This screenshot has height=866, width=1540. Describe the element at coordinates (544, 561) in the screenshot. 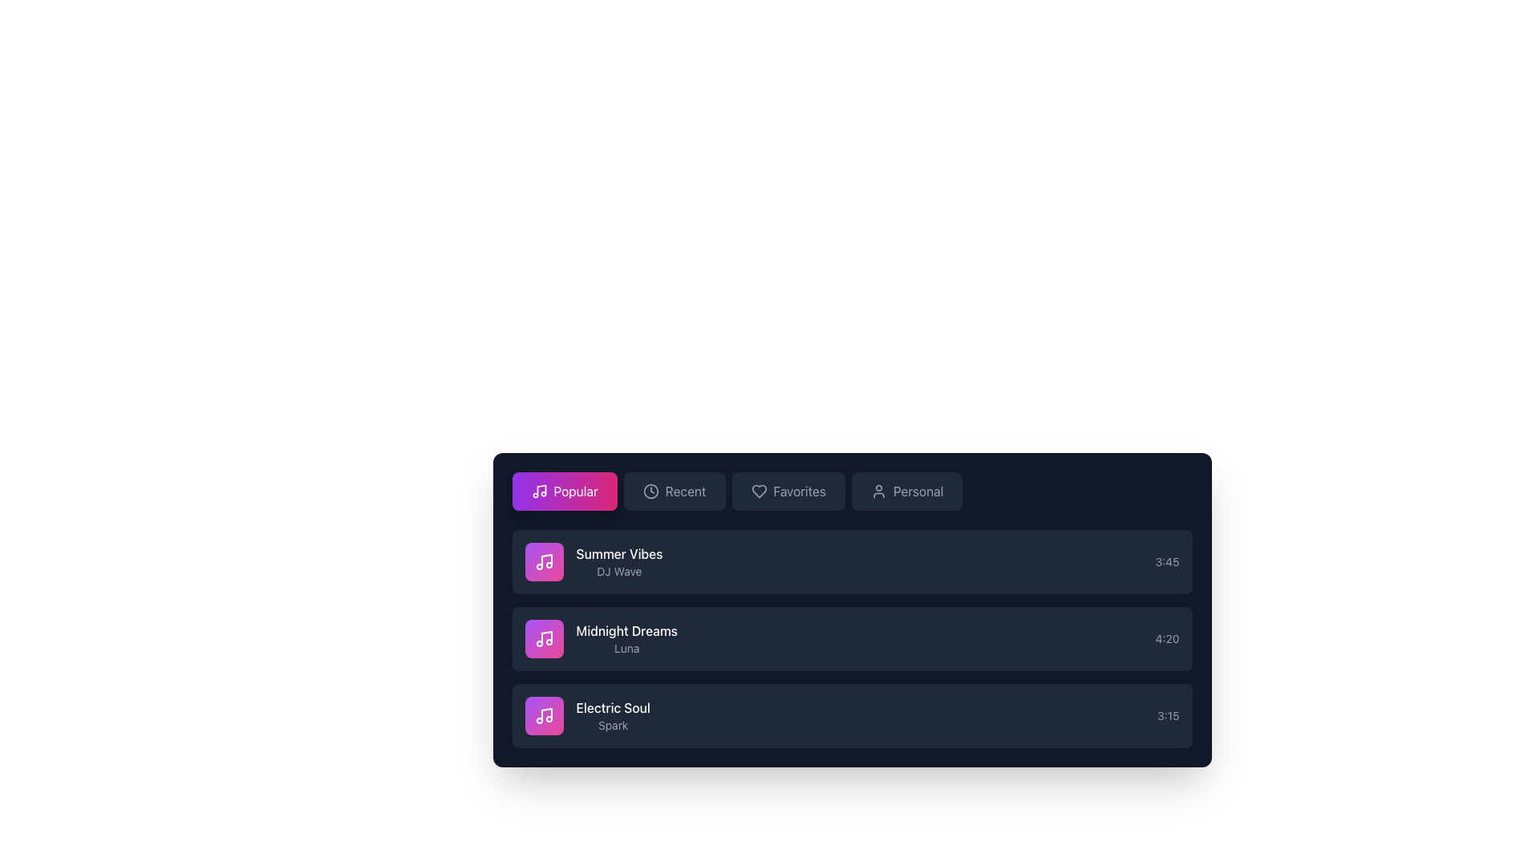

I see `the graphical icon representing 'Summer Vibes', which is the first item in the vertical list of song options in the 'Popular' tab` at that location.